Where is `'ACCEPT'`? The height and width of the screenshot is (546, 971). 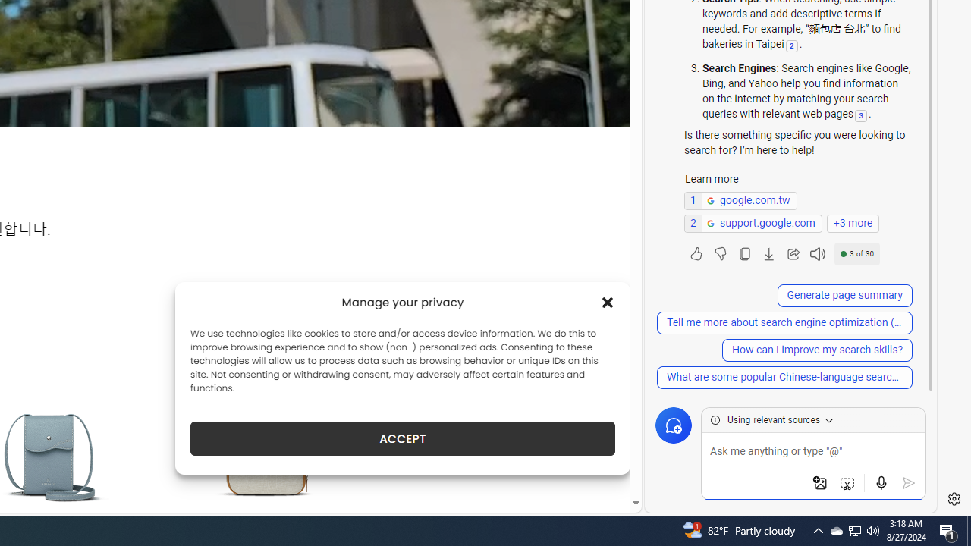 'ACCEPT' is located at coordinates (403, 438).